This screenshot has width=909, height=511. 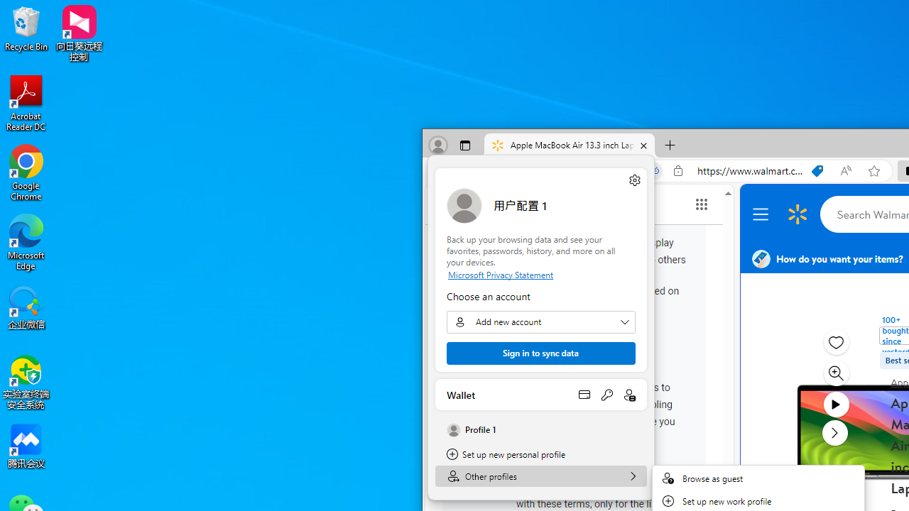 I want to click on 'This site has coupons! Shopping in Microsoft Edge, 7', so click(x=817, y=170).